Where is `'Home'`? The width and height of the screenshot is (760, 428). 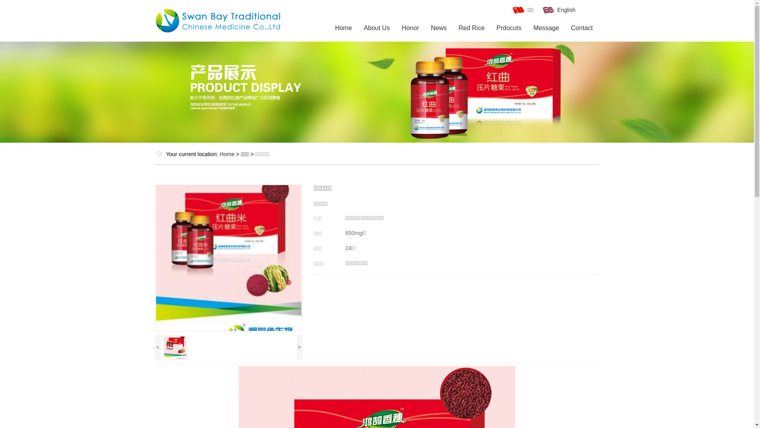 'Home' is located at coordinates (343, 27).